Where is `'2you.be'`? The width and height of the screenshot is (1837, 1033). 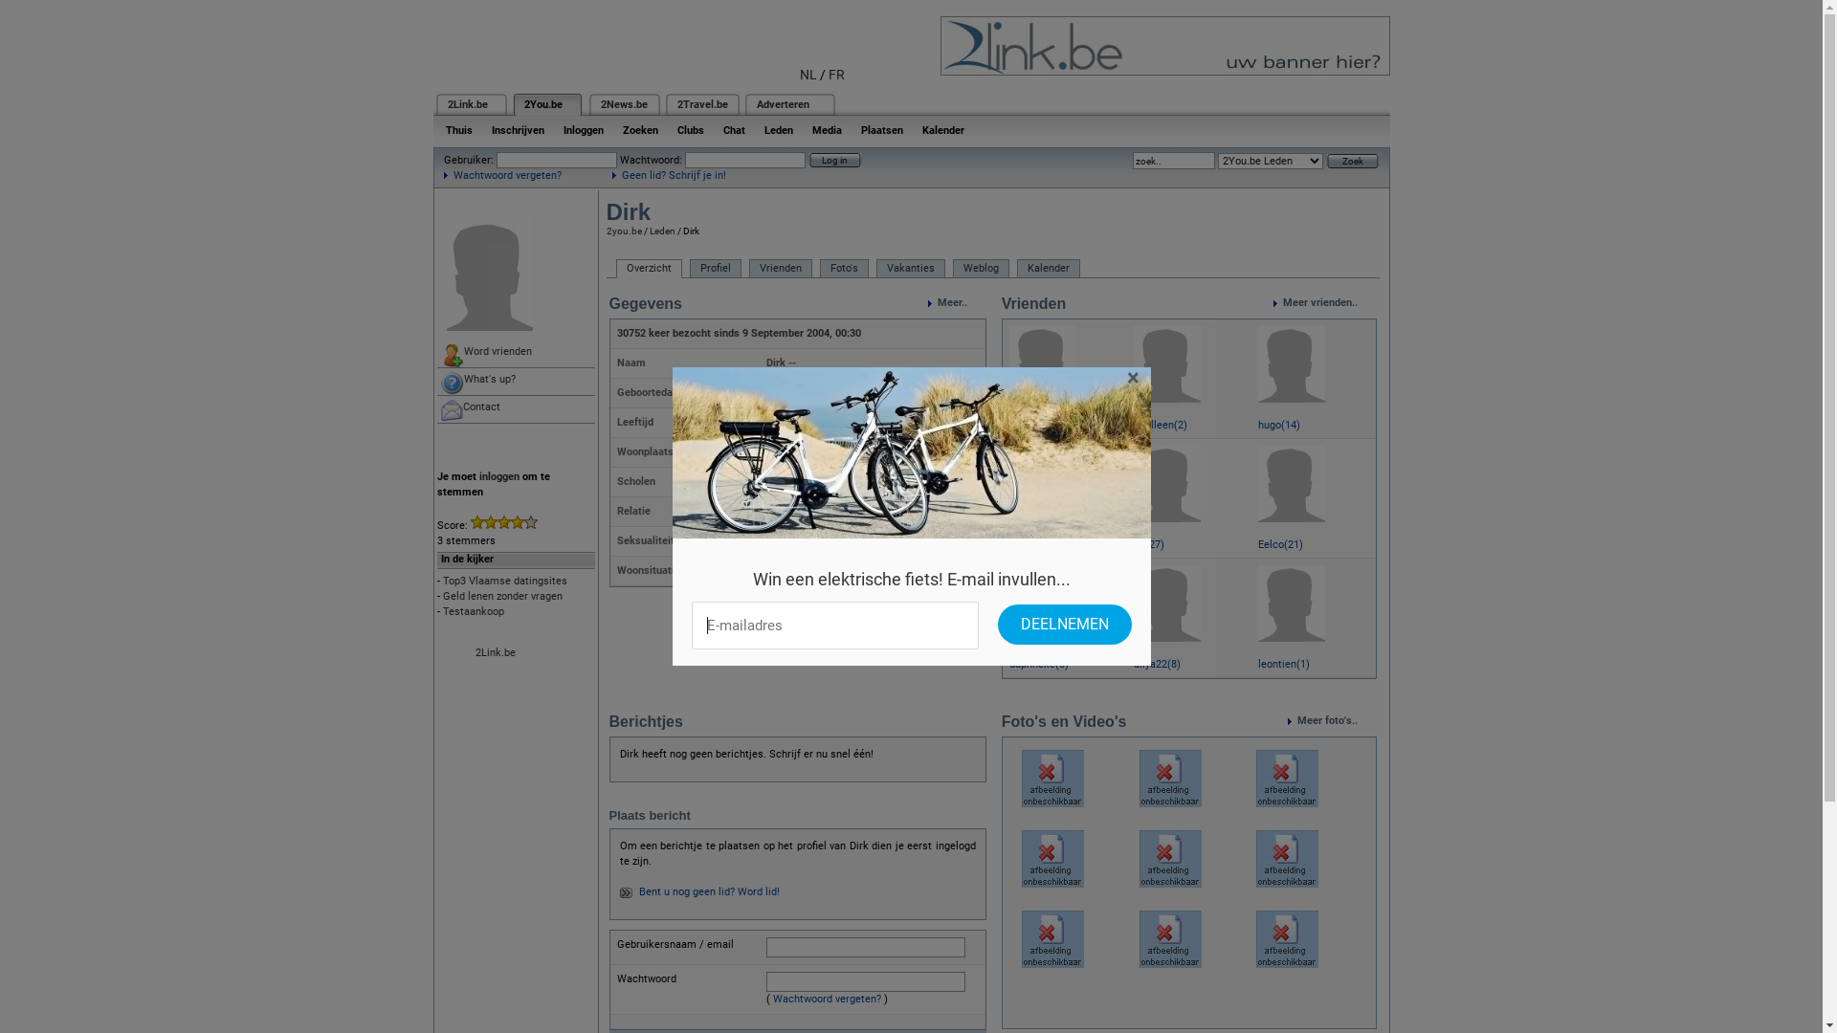
'2you.be' is located at coordinates (624, 230).